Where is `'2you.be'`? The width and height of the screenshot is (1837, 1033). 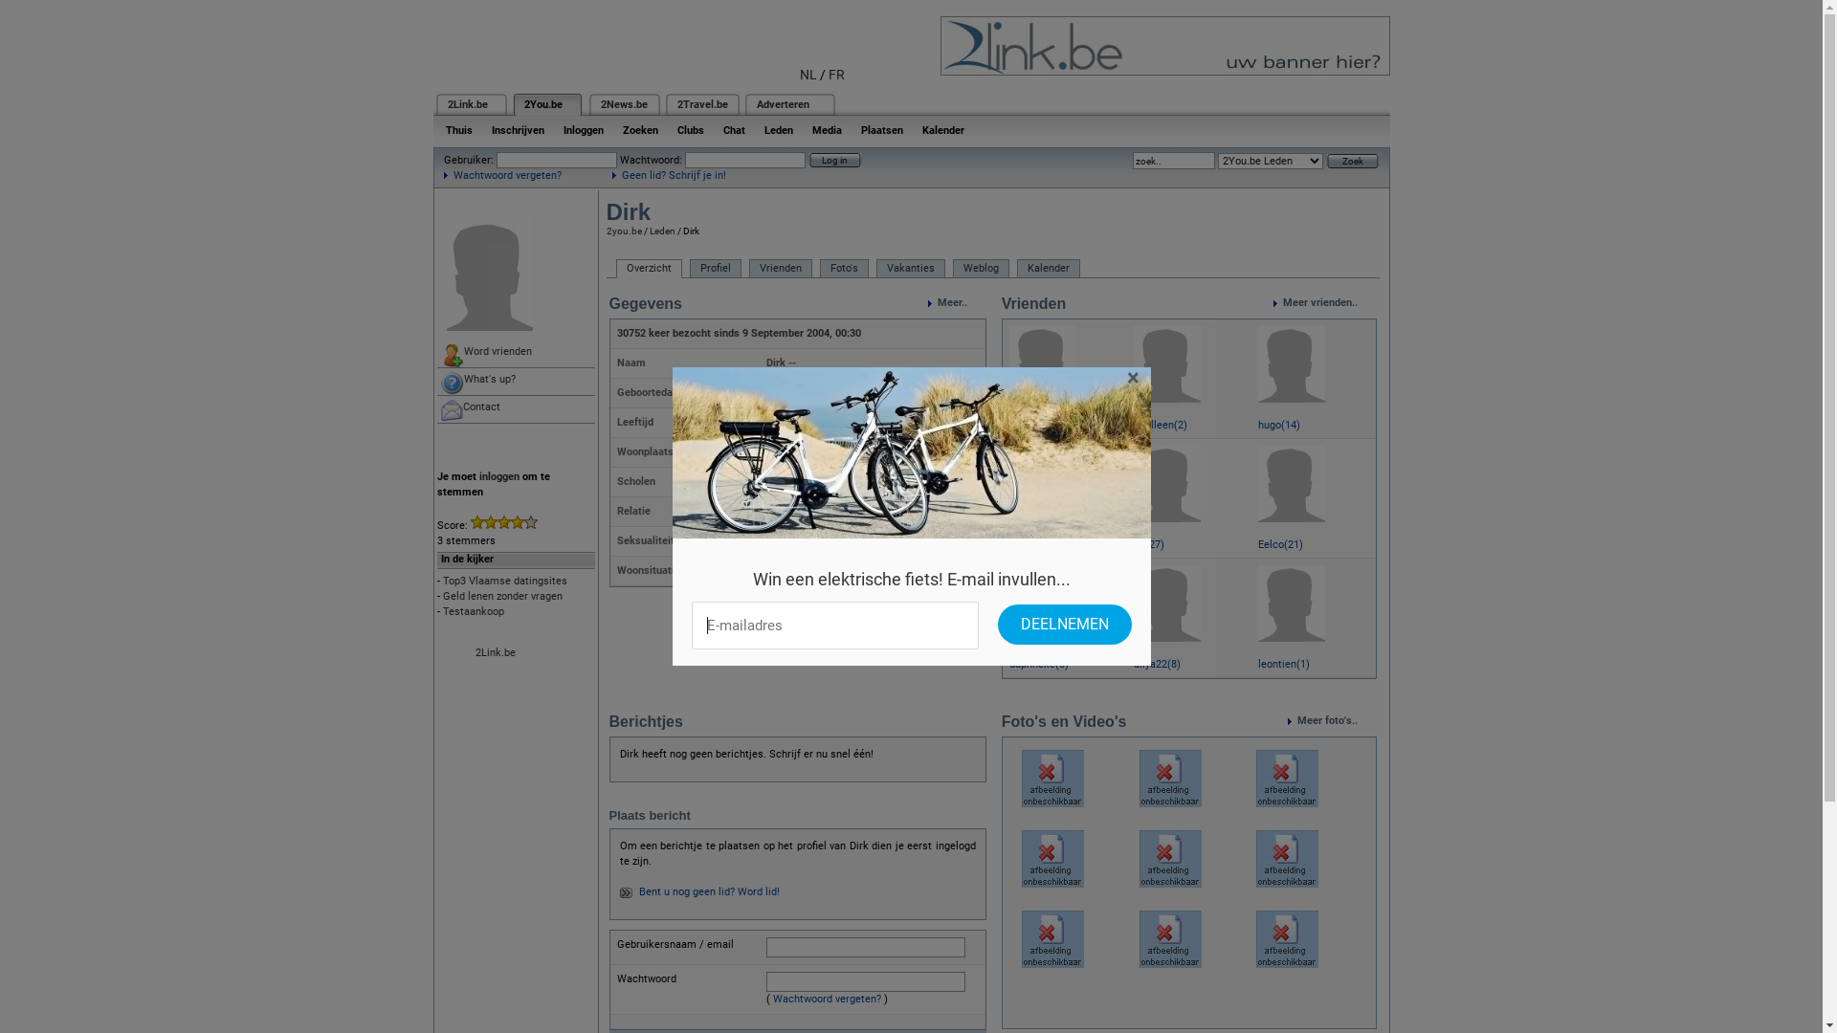
'2you.be' is located at coordinates (624, 230).